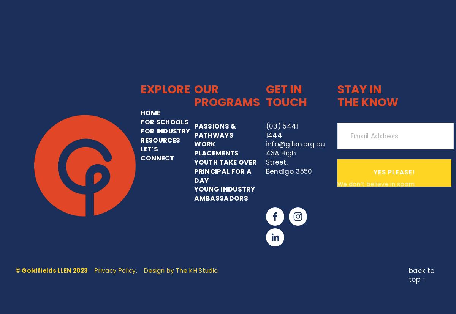 The image size is (456, 314). What do you see at coordinates (377, 110) in the screenshot?
I see `'We don’t believe in spam.'` at bounding box center [377, 110].